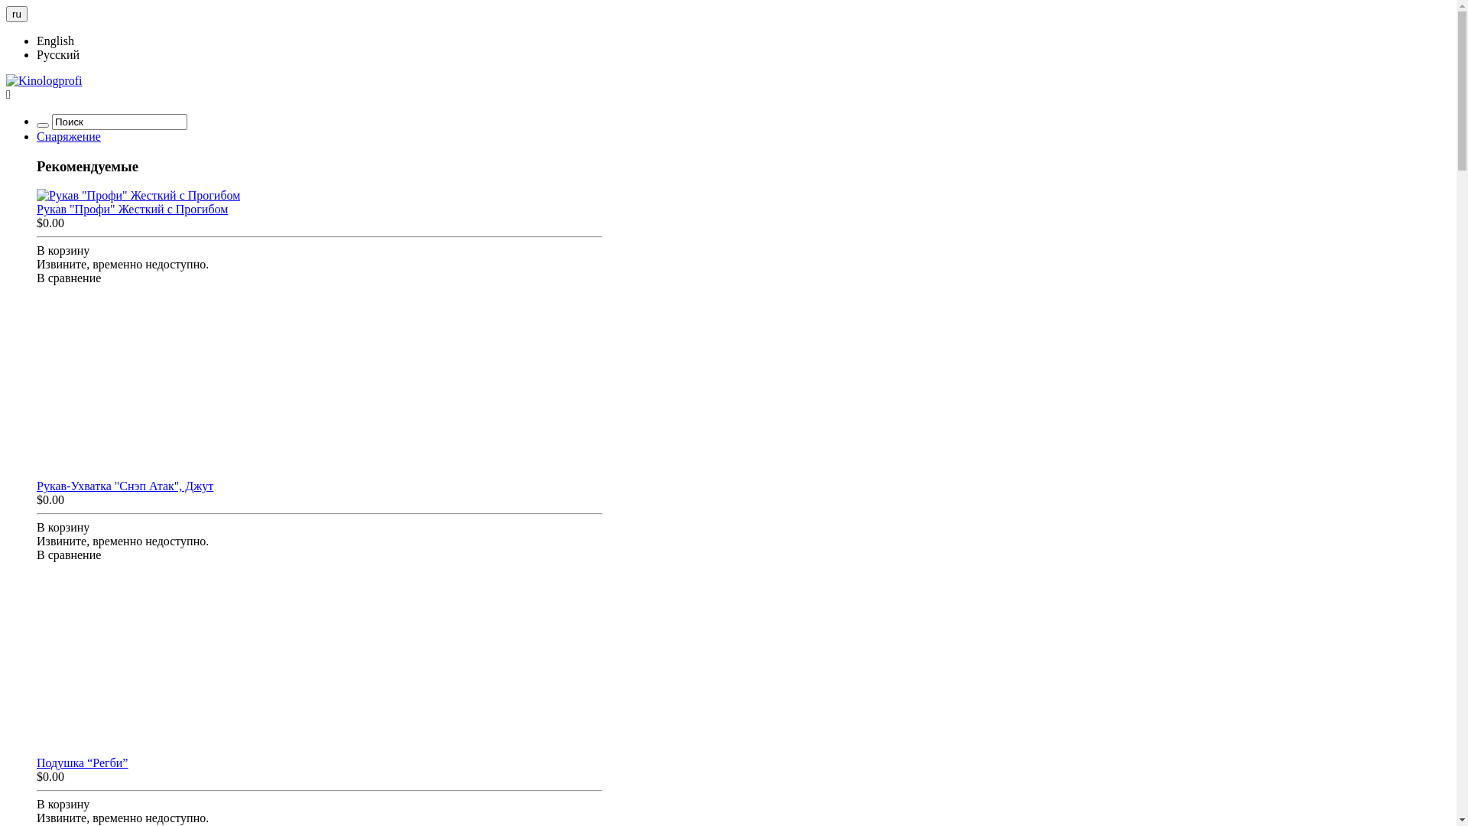  Describe the element at coordinates (37, 40) in the screenshot. I see `'English'` at that location.